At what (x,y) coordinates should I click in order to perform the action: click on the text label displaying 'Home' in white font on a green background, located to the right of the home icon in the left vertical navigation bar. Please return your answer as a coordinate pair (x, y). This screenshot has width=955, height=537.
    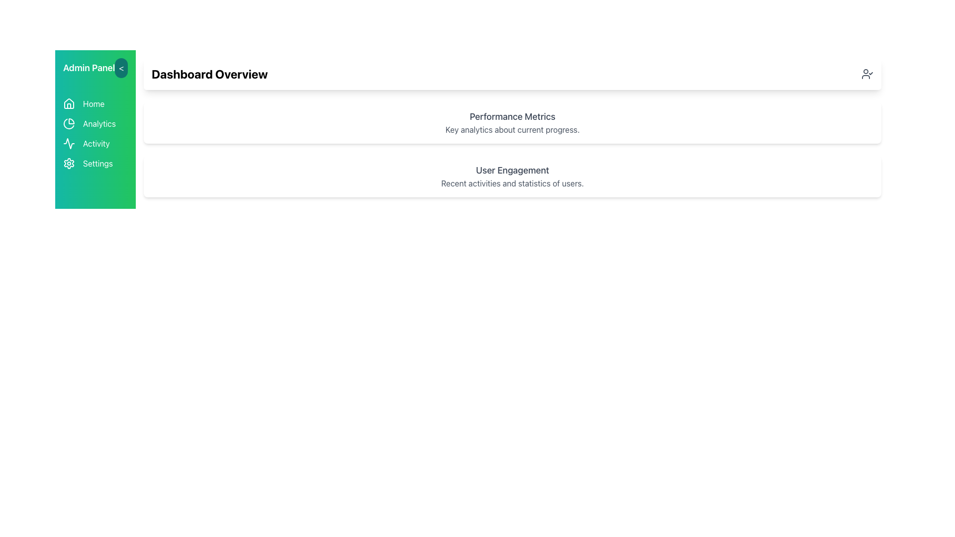
    Looking at the image, I should click on (94, 103).